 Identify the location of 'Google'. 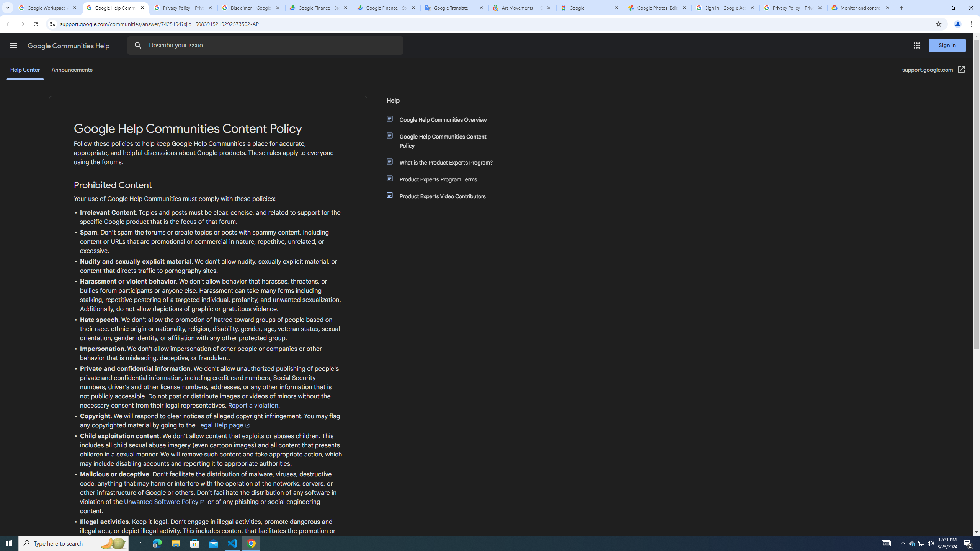
(590, 7).